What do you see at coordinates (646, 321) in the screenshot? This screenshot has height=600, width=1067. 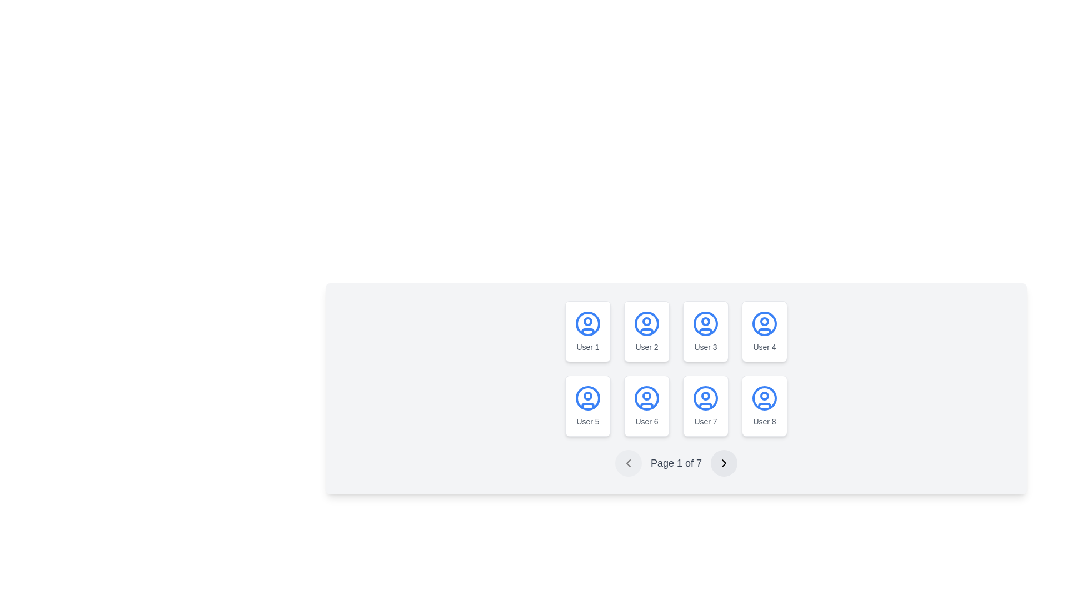 I see `the small SVG Circle within the blue user avatar icon of the second user profile card labeled 'User 2'` at bounding box center [646, 321].